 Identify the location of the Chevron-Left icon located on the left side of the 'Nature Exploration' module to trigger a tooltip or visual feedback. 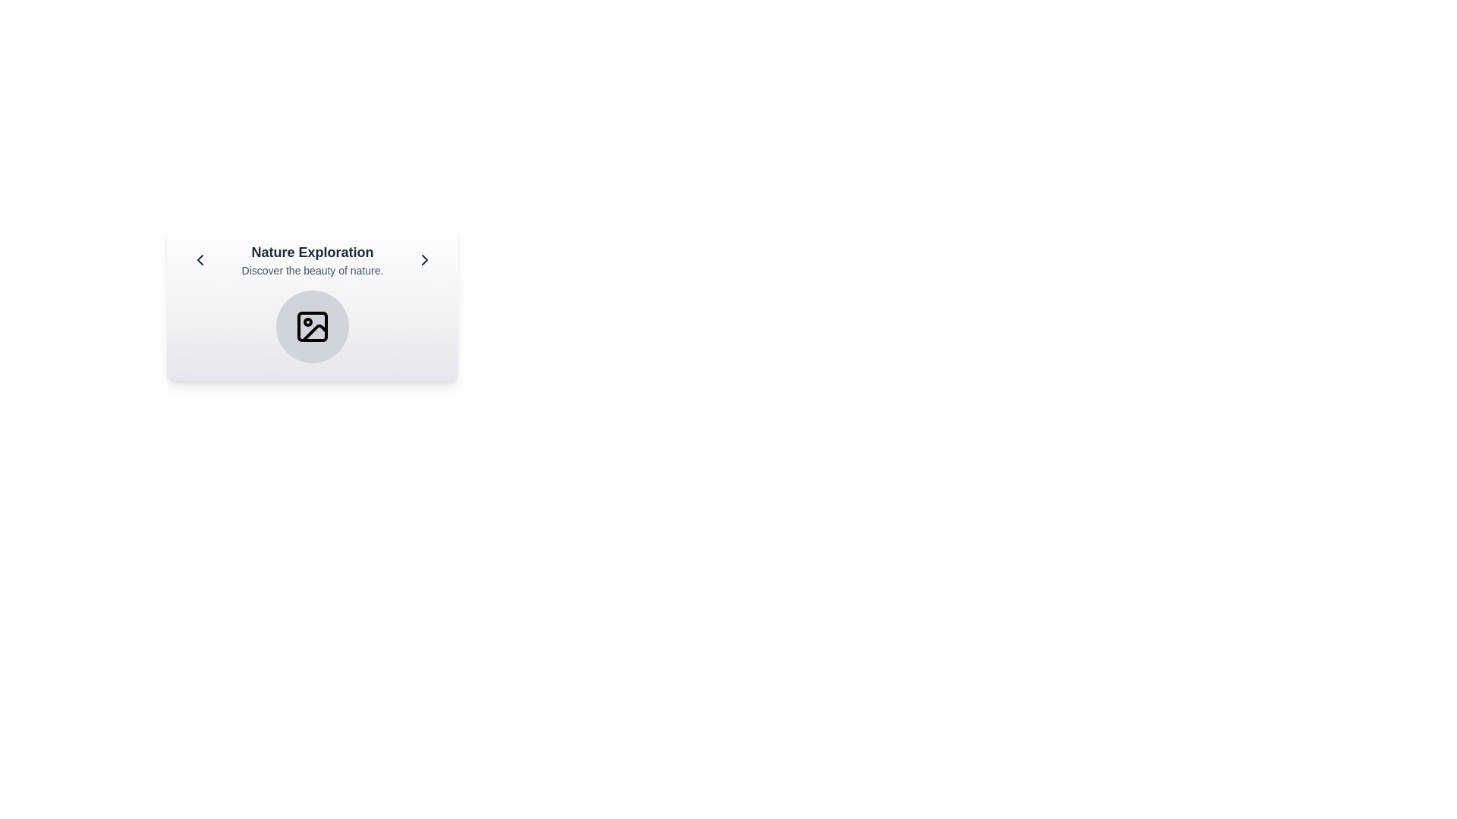
(200, 259).